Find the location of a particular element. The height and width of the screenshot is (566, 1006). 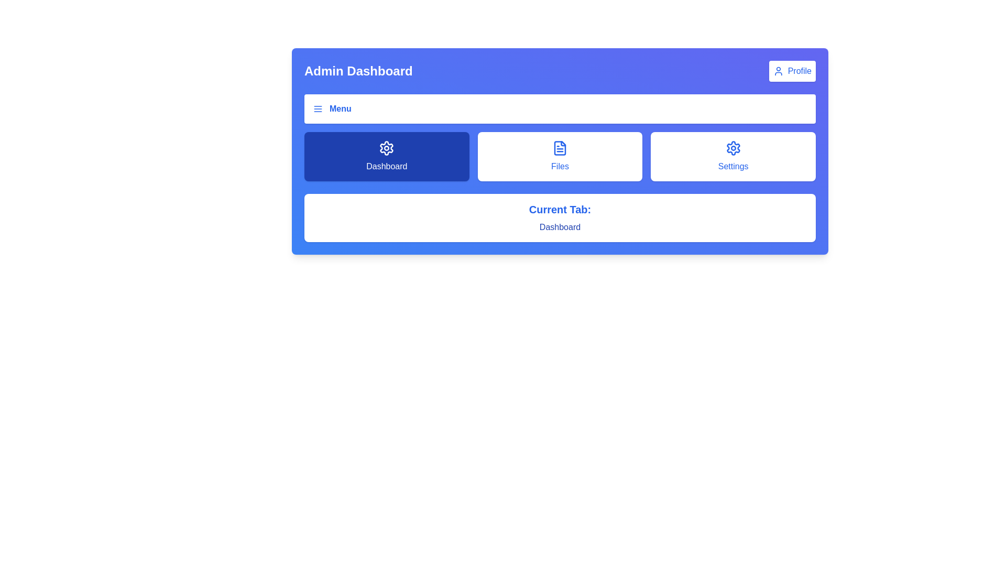

the navigation button with an icon and text located at the top-right corner of the interface, next to the 'Admin Dashboard' title is located at coordinates (792, 71).